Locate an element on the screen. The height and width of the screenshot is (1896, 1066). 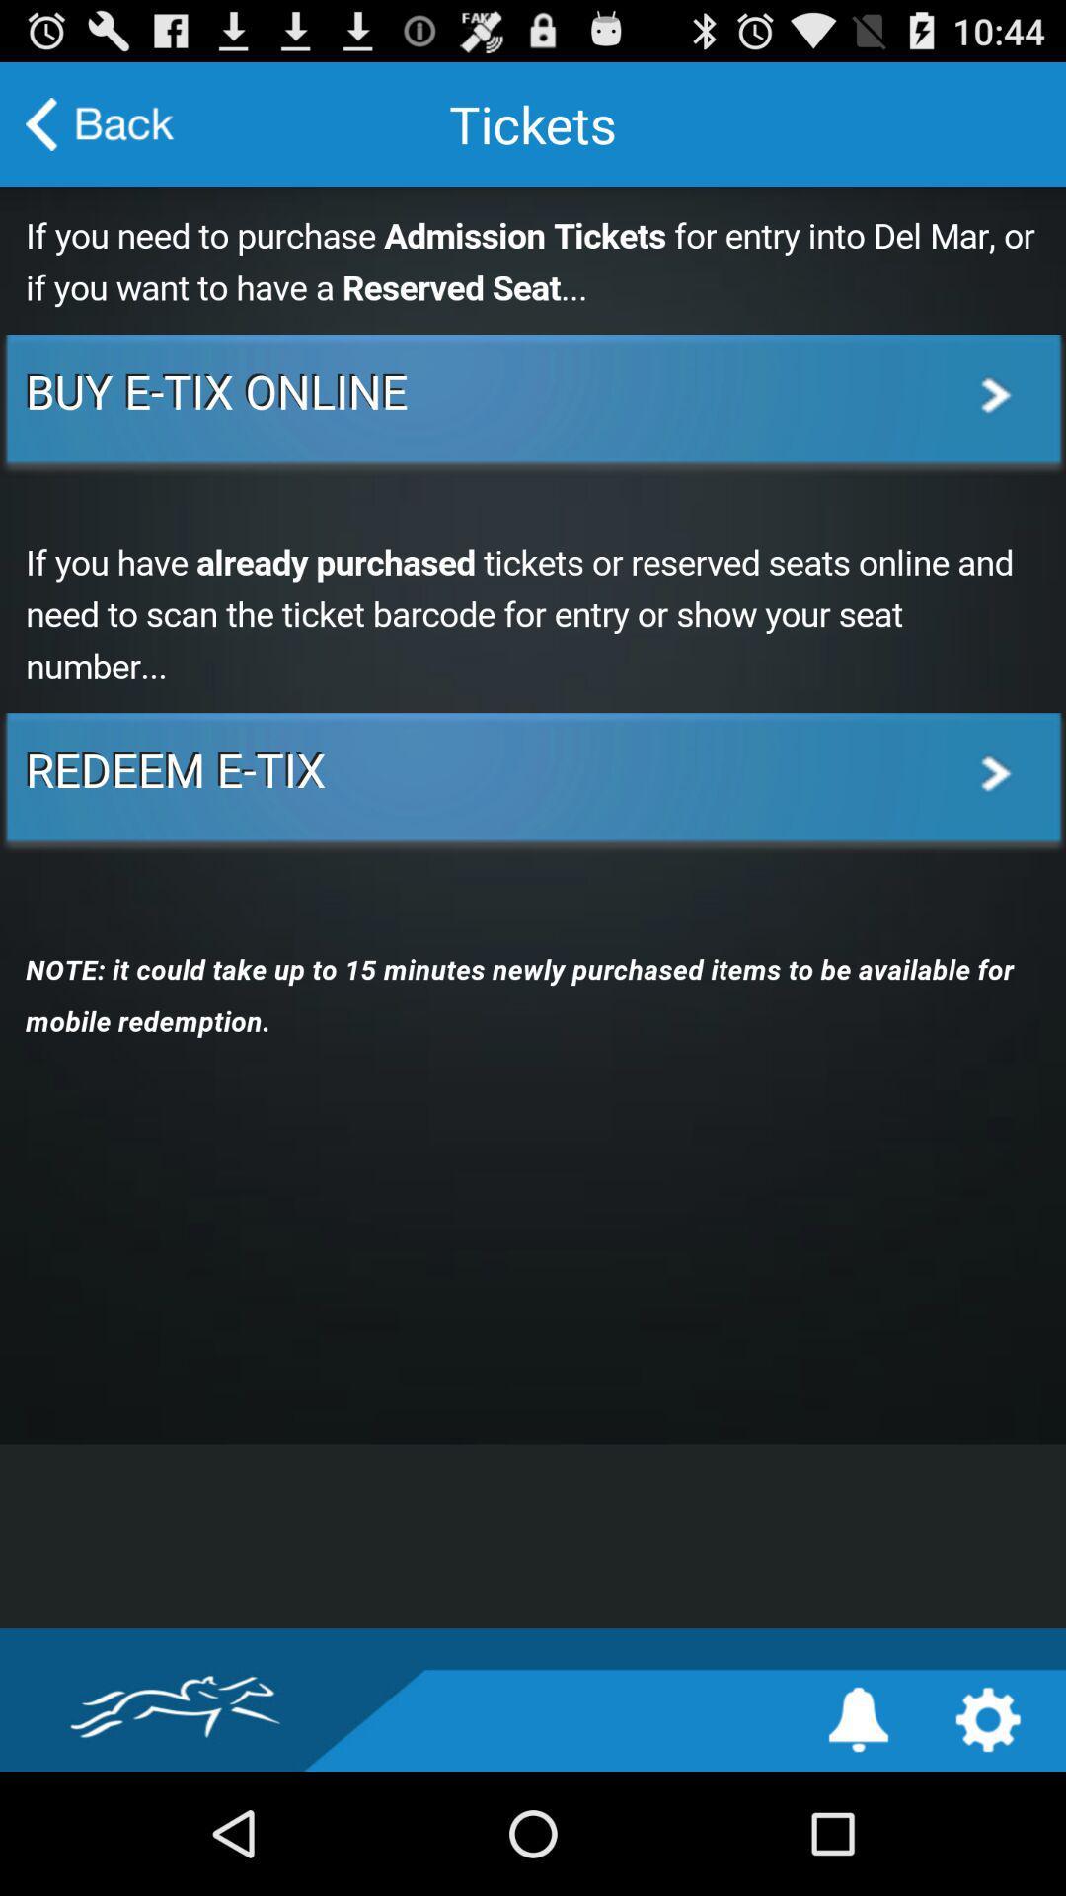
go back is located at coordinates (100, 122).